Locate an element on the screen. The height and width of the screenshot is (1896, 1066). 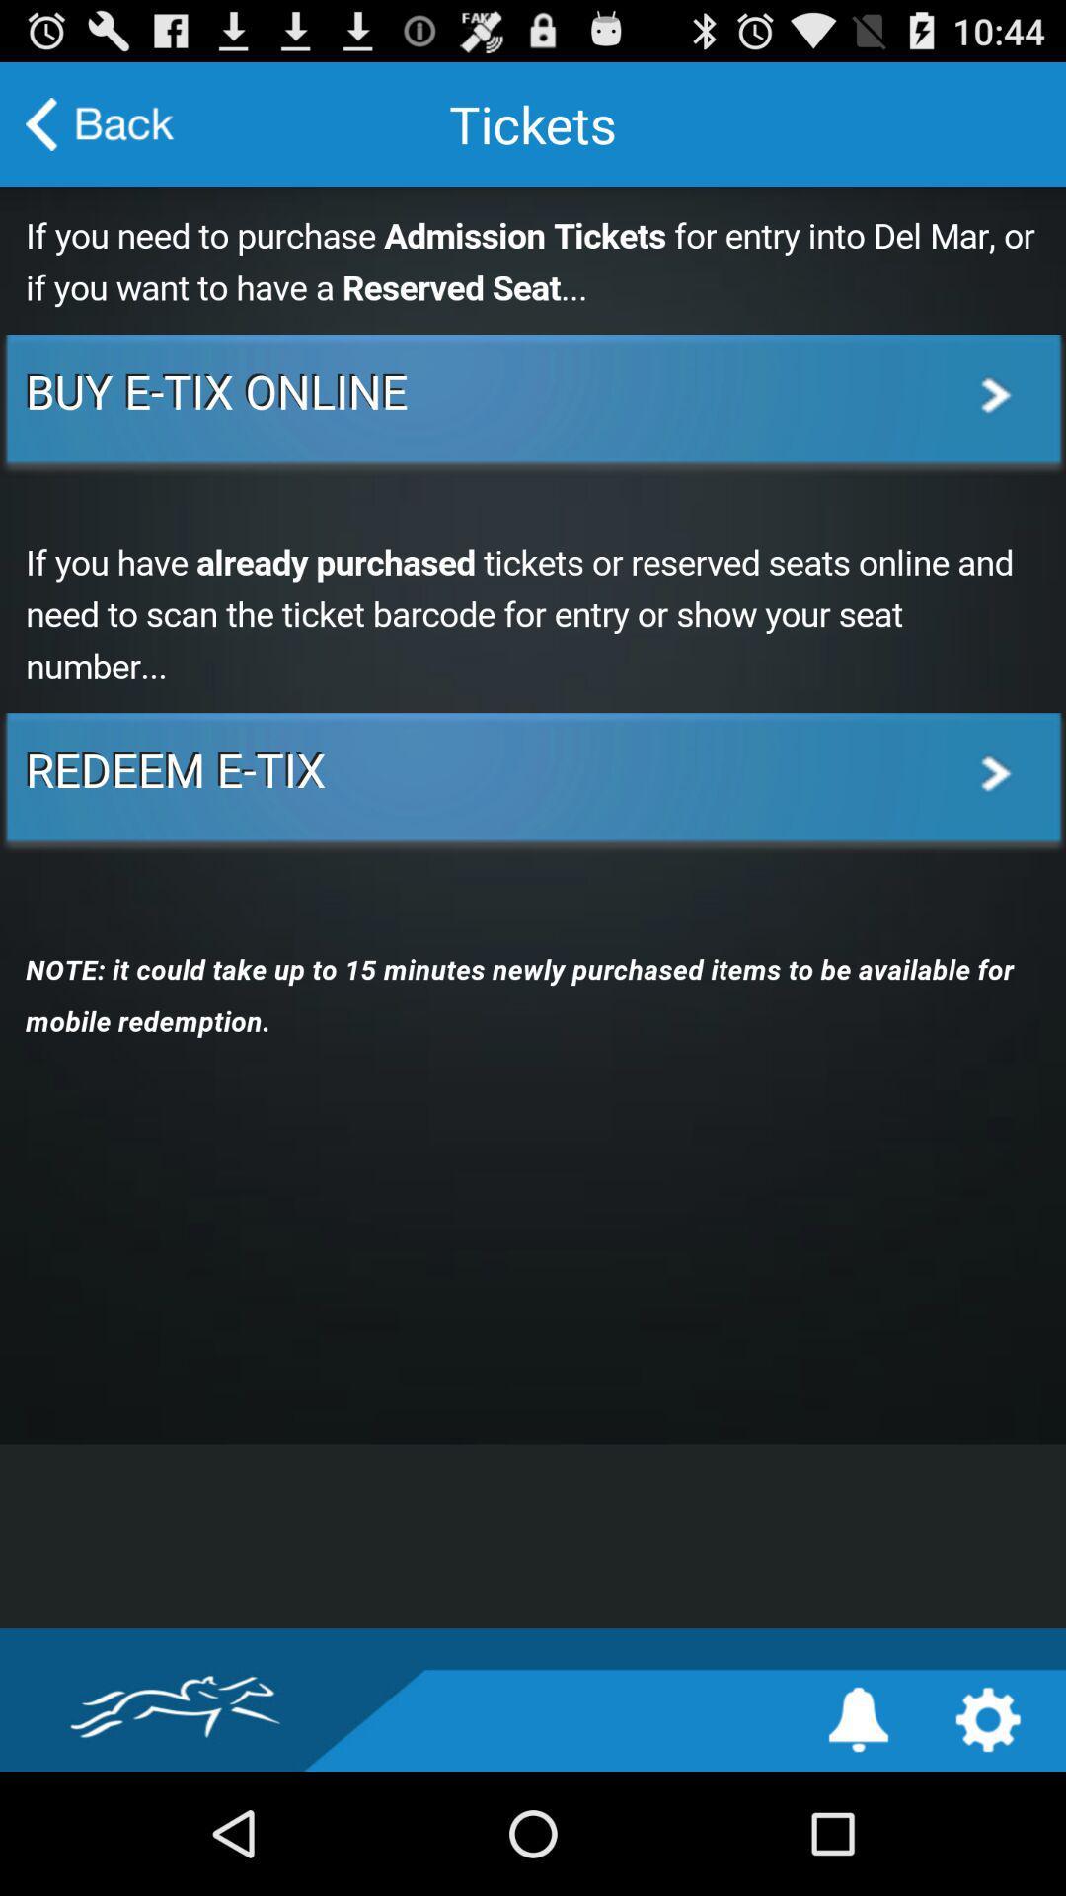
go back is located at coordinates (100, 122).